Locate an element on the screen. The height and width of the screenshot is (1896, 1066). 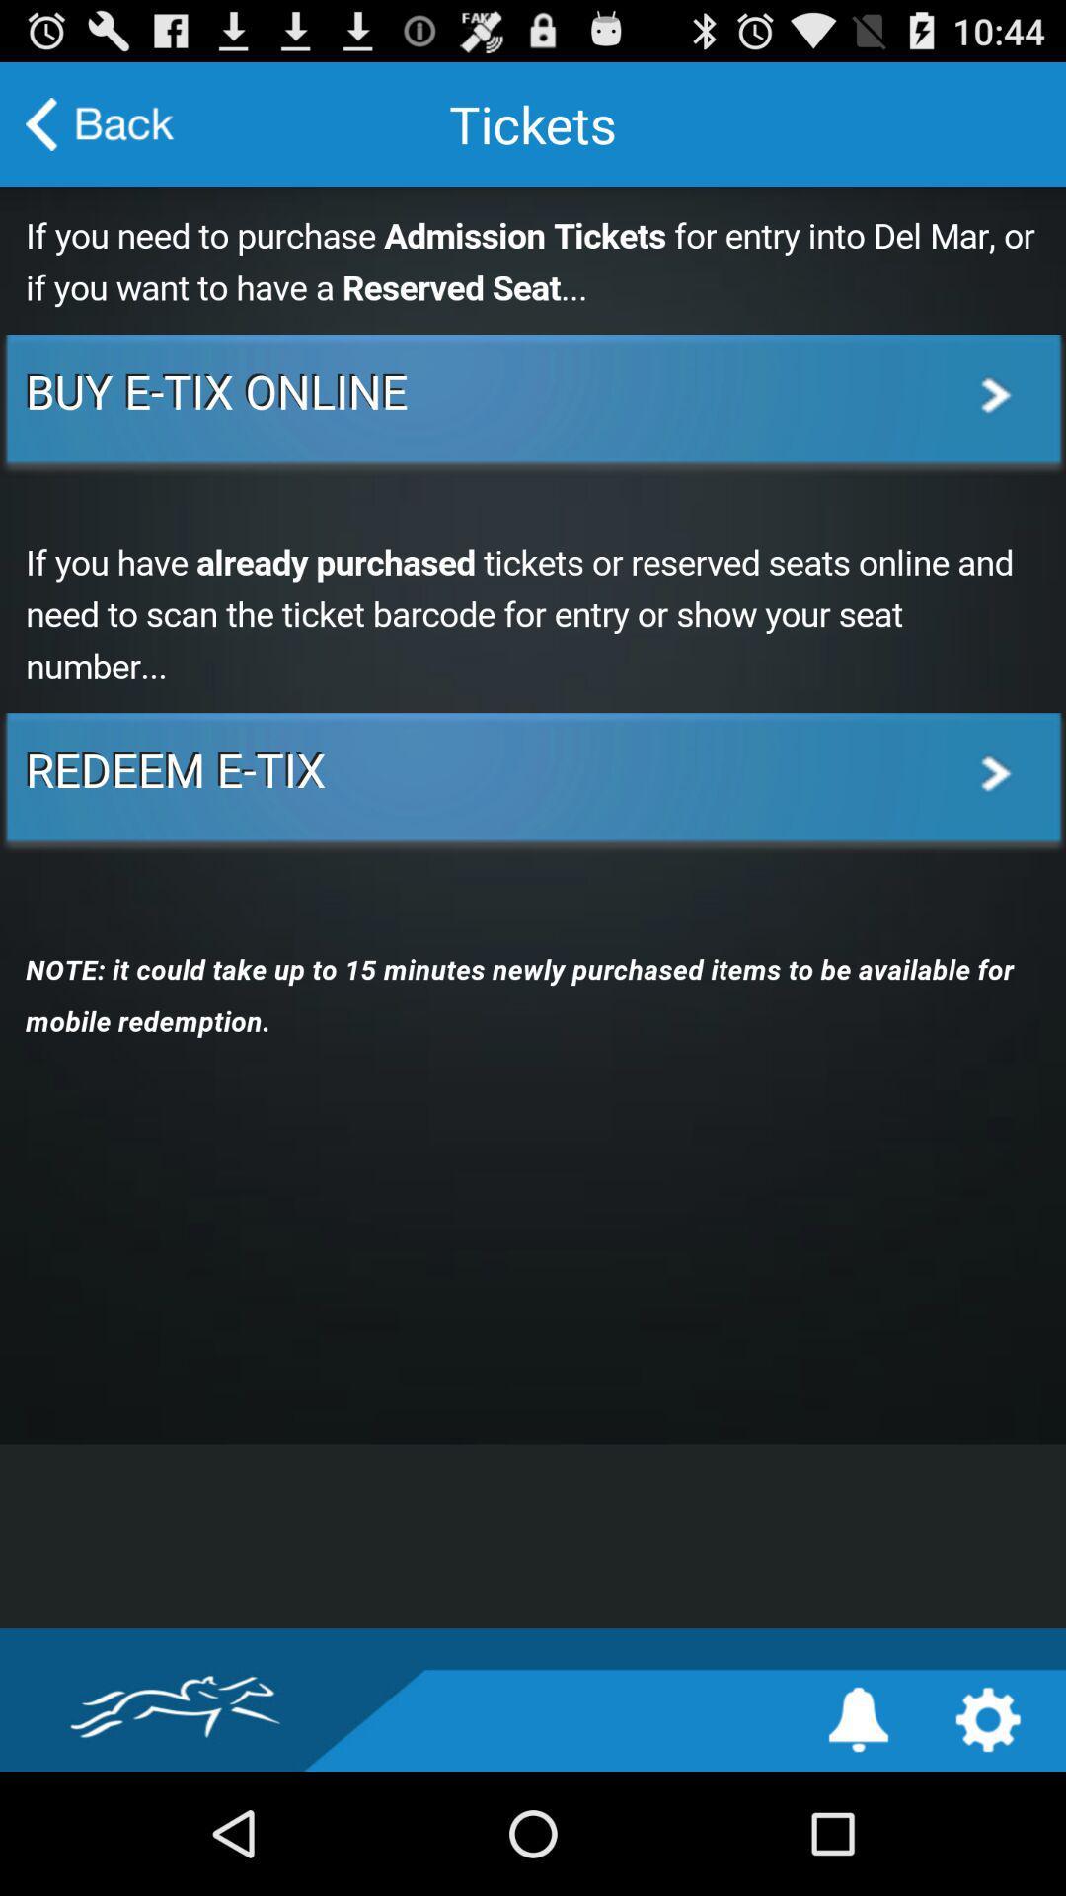
go back is located at coordinates (100, 122).